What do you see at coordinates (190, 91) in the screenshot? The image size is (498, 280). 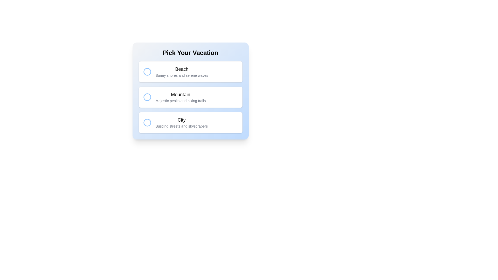 I see `the selectable card labeled 'Mountain' with a description 'Majestic peaks and hiking trails' in the 'Pick Your Vacation' section` at bounding box center [190, 91].